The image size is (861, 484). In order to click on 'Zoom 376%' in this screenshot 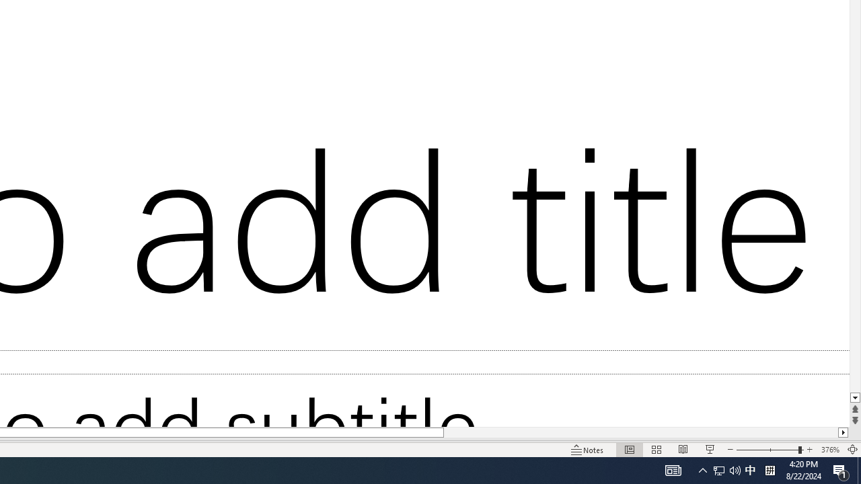, I will do `click(829, 450)`.